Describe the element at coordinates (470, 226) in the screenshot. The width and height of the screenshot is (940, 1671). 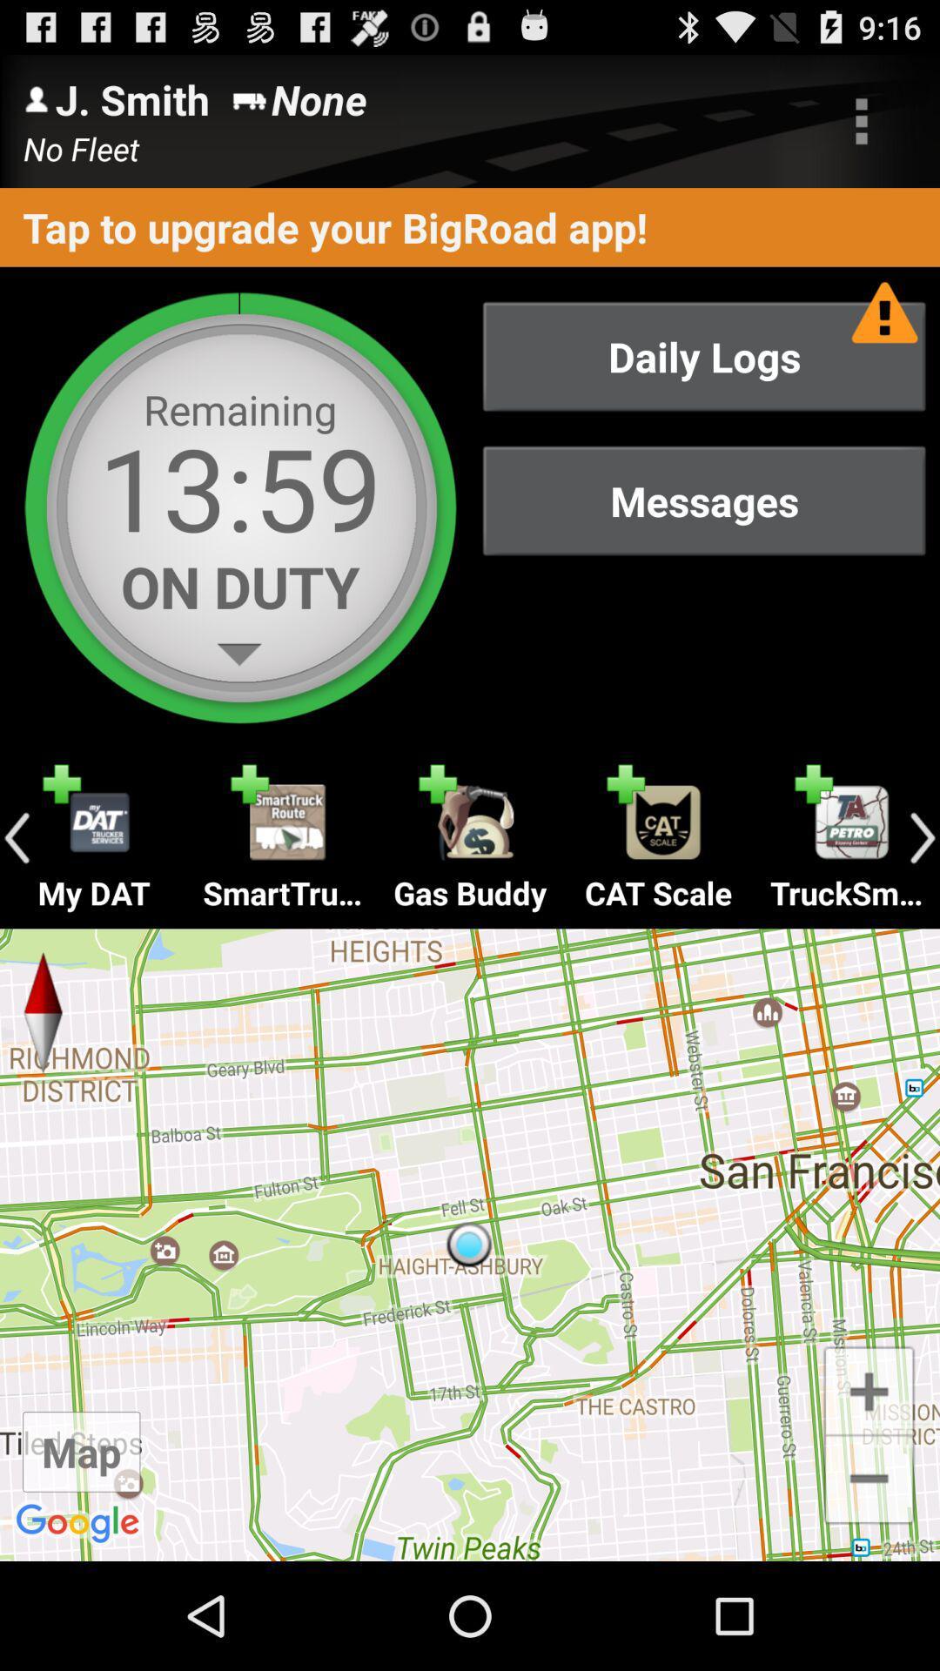
I see `the tap to upgrade icon` at that location.